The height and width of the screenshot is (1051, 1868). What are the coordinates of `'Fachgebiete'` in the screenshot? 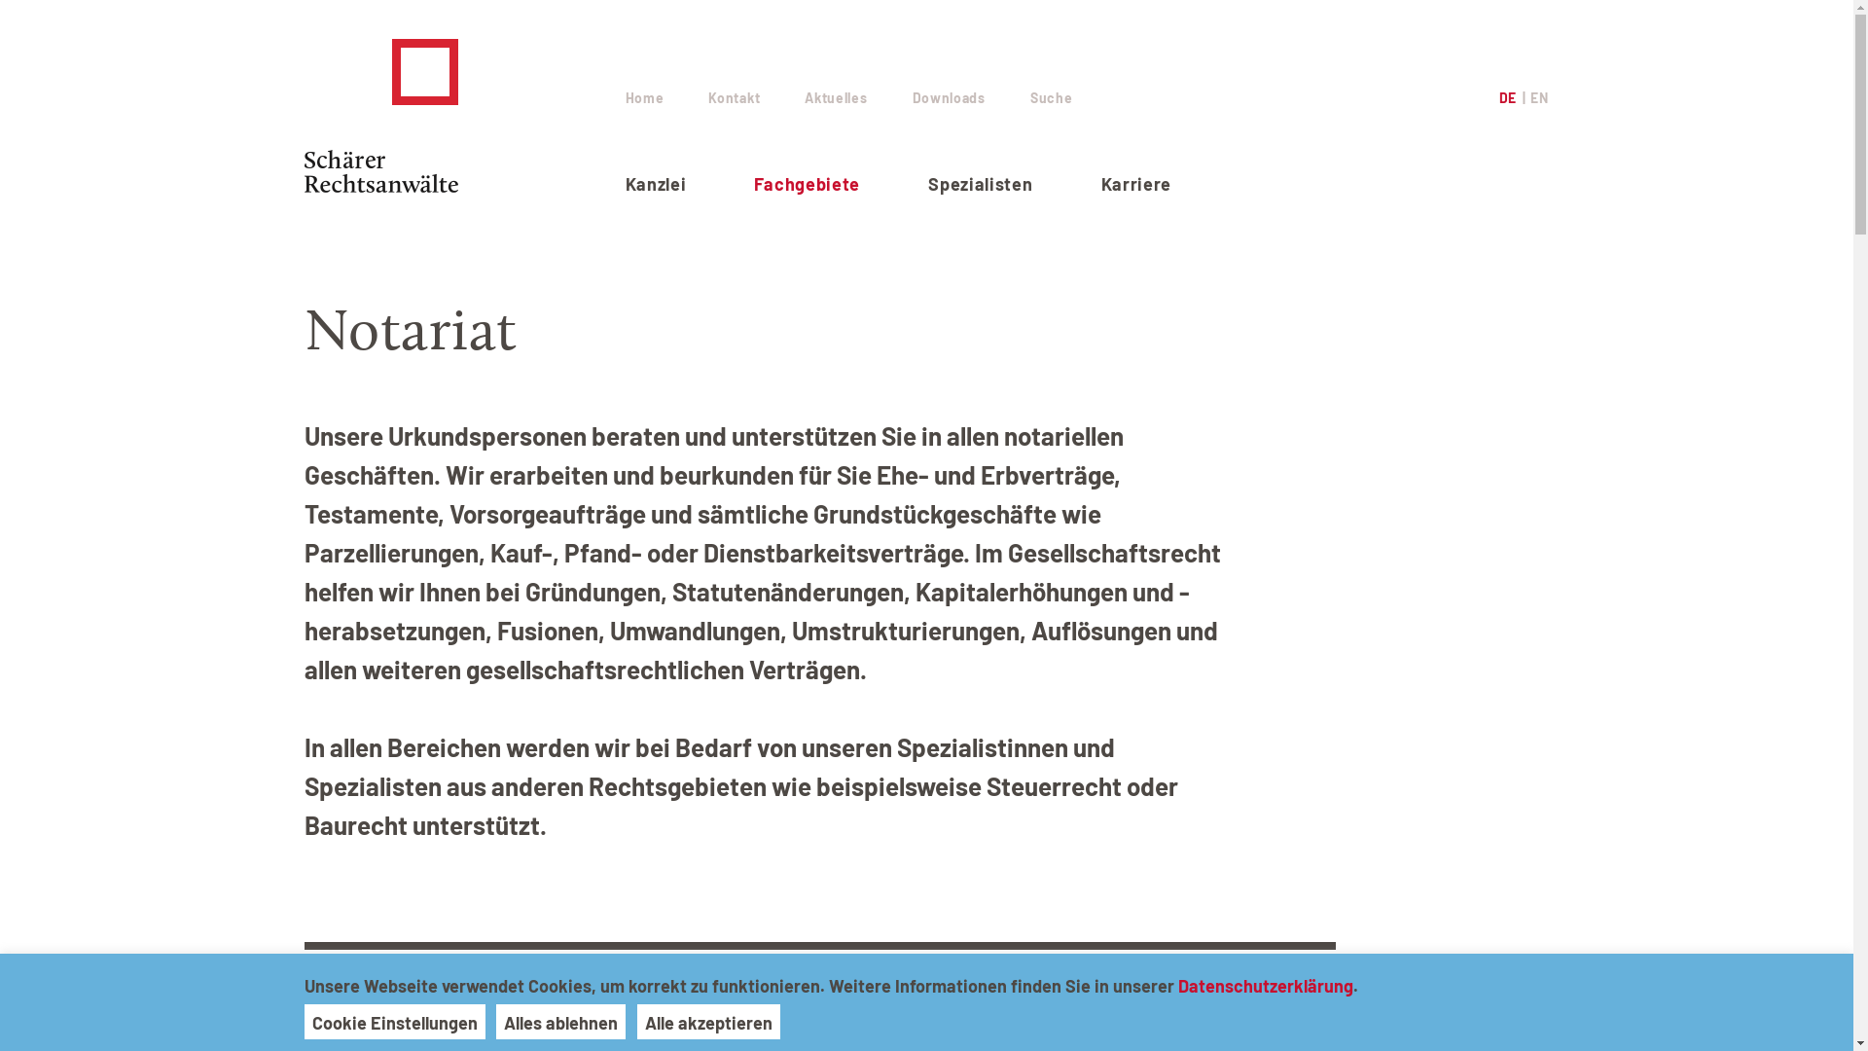 It's located at (807, 184).